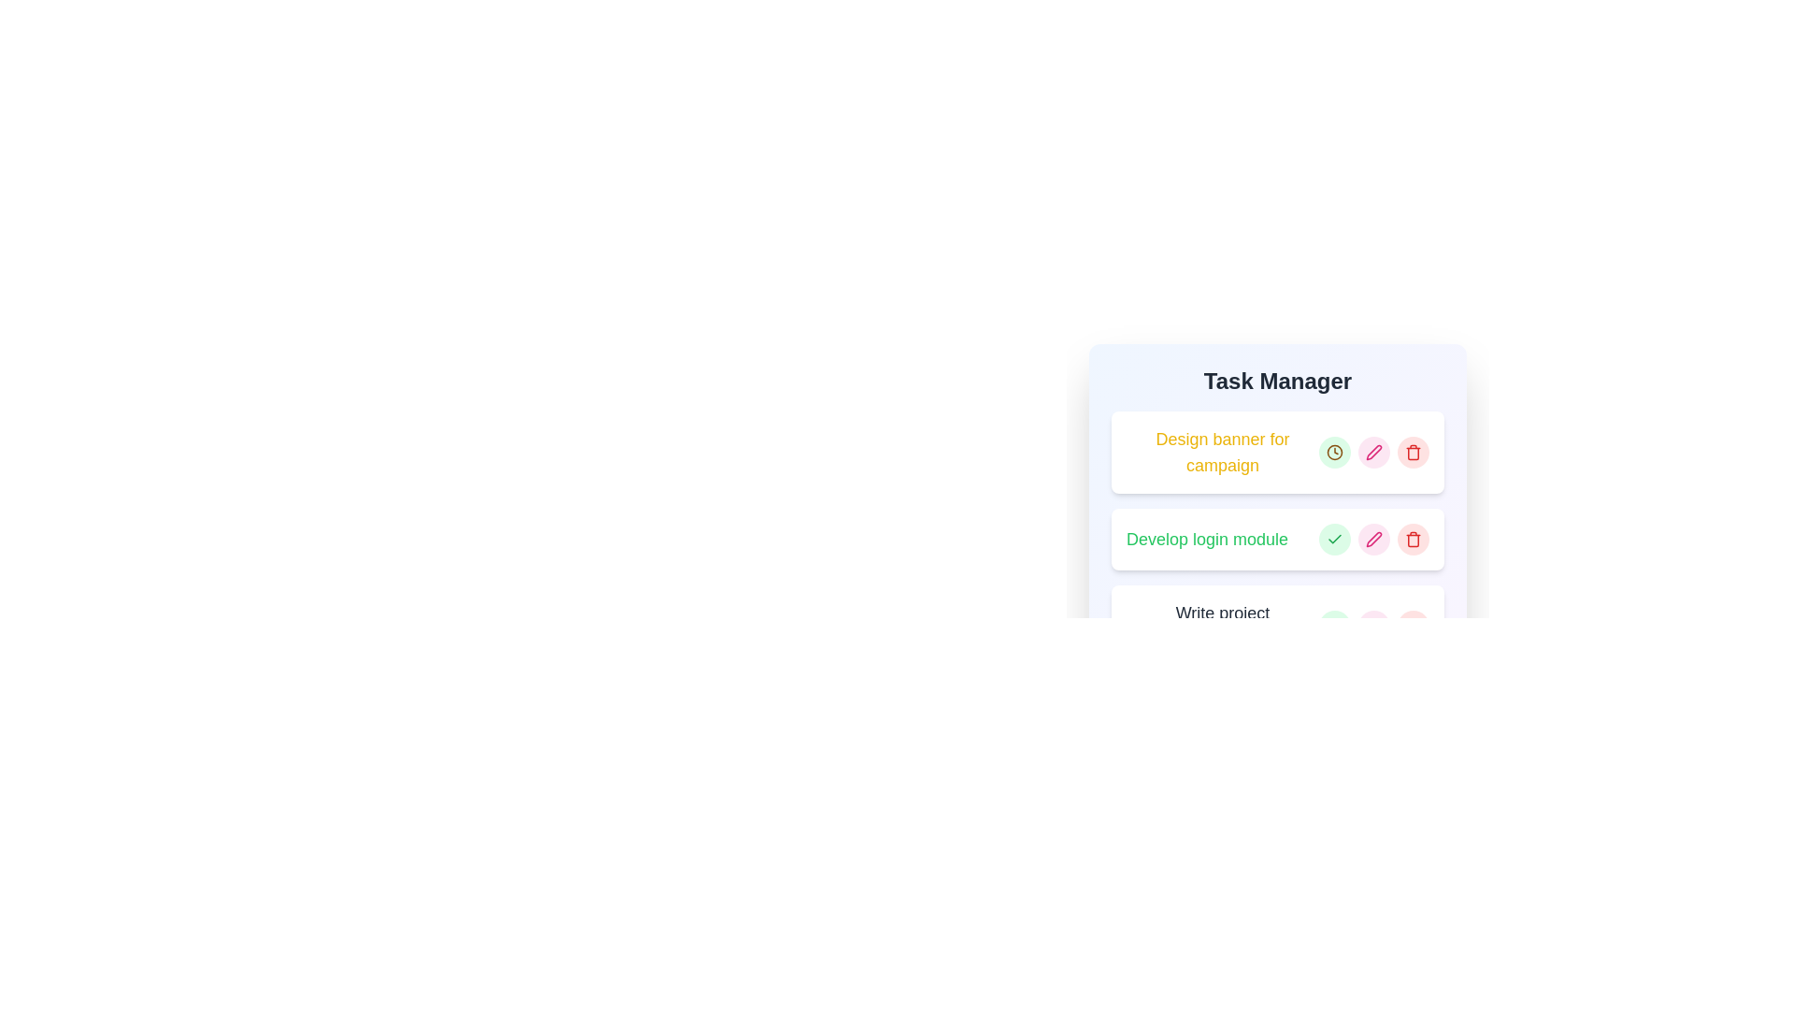  Describe the element at coordinates (1373, 452) in the screenshot. I see `the circular icon button with a pen icon and pink background` at that location.